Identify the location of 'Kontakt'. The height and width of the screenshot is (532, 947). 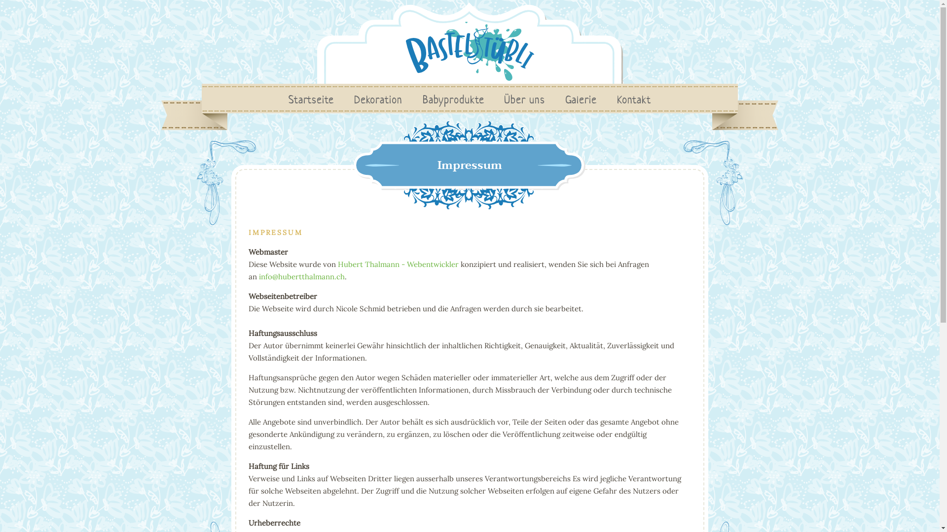
(634, 100).